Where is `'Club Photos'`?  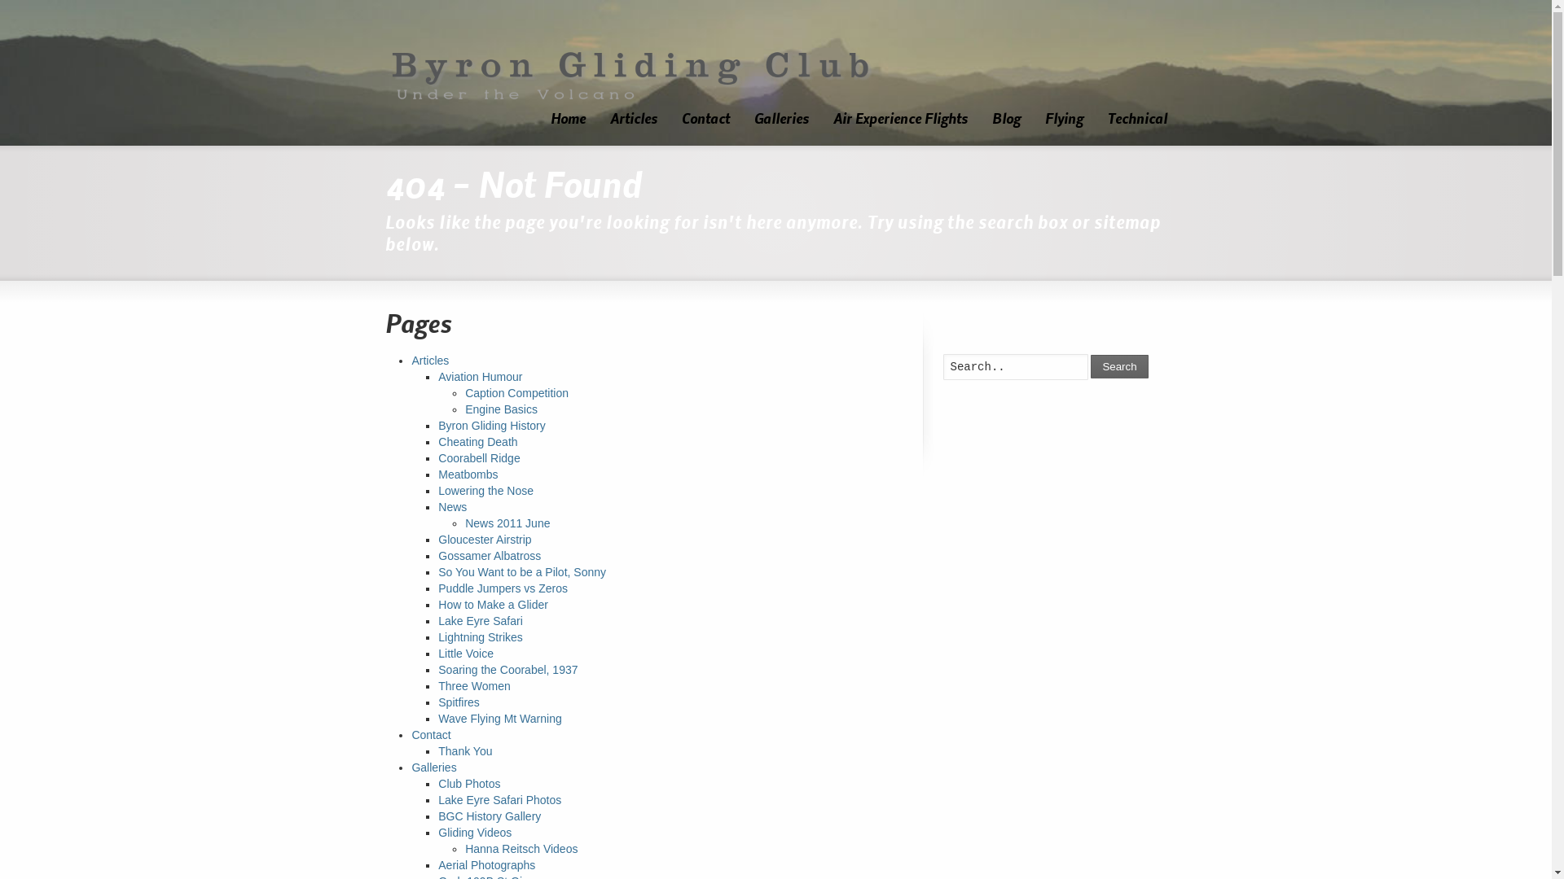
'Club Photos' is located at coordinates (468, 783).